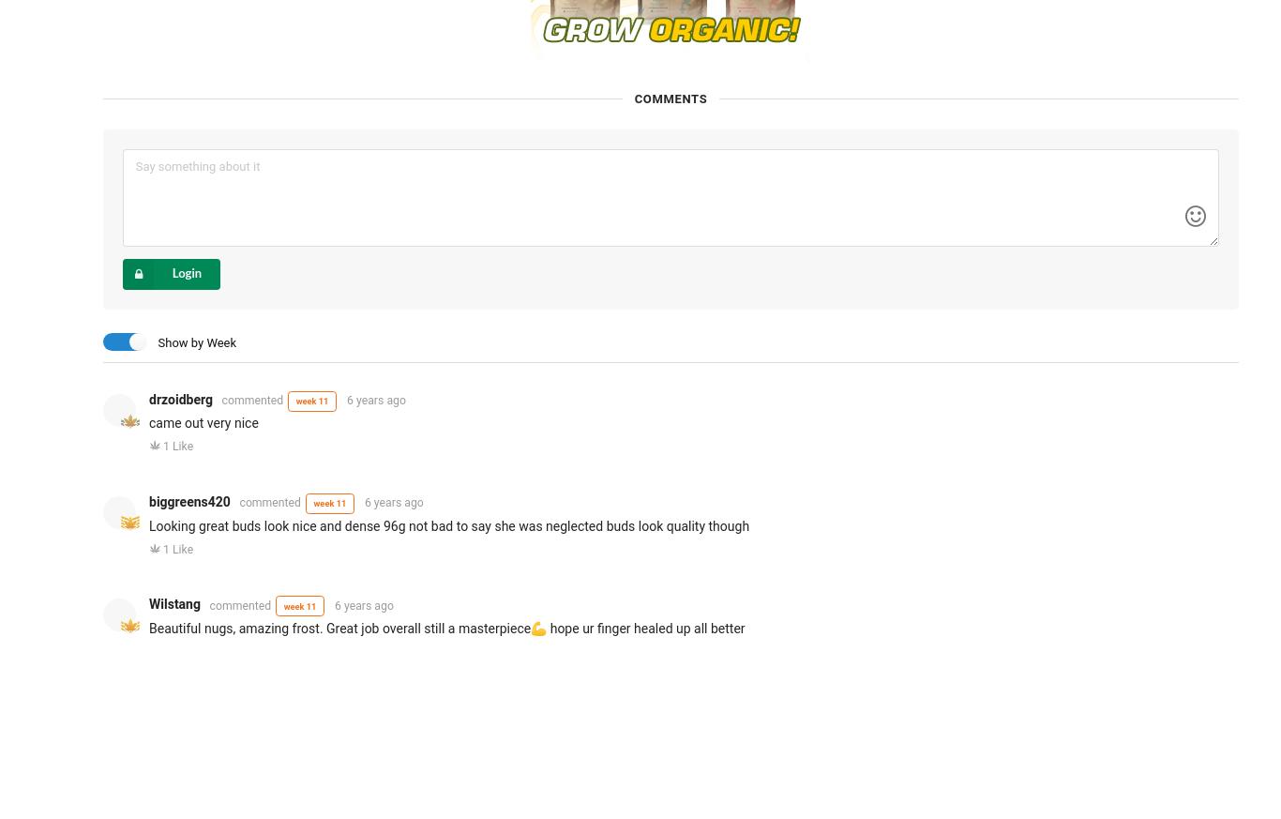 Image resolution: width=1281 pixels, height=819 pixels. I want to click on 'came out very nice', so click(203, 422).